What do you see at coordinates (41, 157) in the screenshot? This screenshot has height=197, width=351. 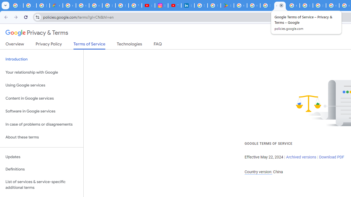 I see `'Updates'` at bounding box center [41, 157].